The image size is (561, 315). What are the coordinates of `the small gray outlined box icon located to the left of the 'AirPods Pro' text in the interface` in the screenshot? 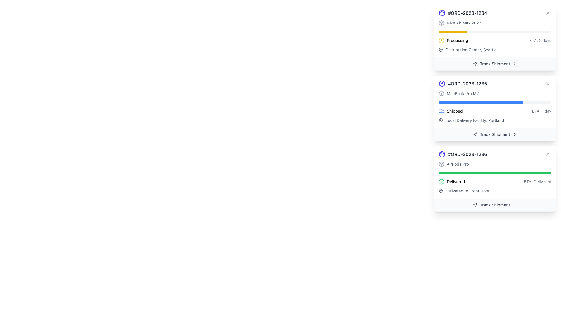 It's located at (441, 164).